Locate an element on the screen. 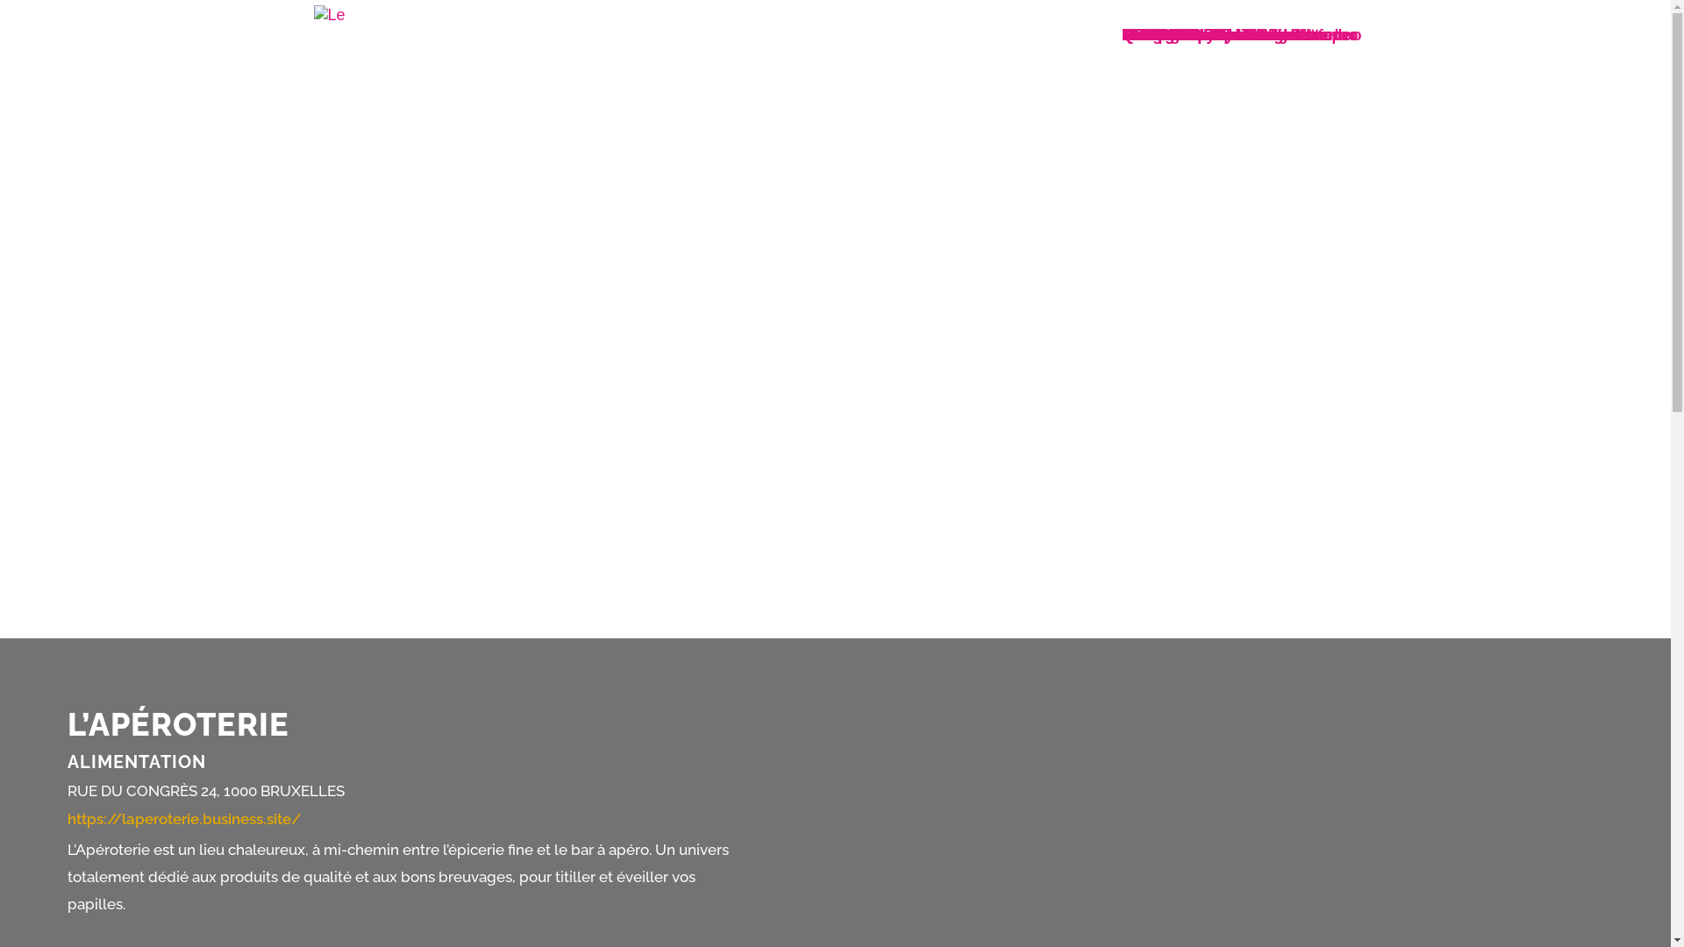  'NL' is located at coordinates (1132, 34).